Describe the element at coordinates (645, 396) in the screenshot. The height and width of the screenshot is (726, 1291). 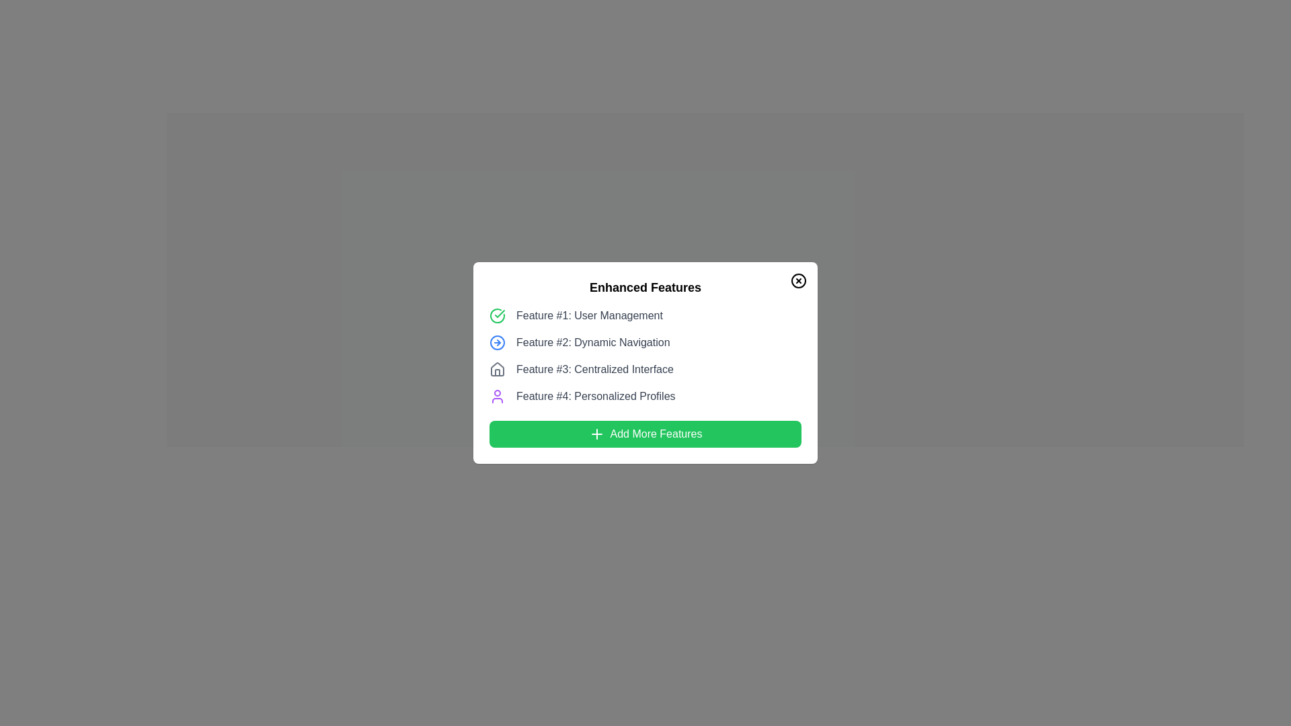
I see `the list item that reads 'Feature #4: Personalized Profiles' with a purple user silhouette icon` at that location.